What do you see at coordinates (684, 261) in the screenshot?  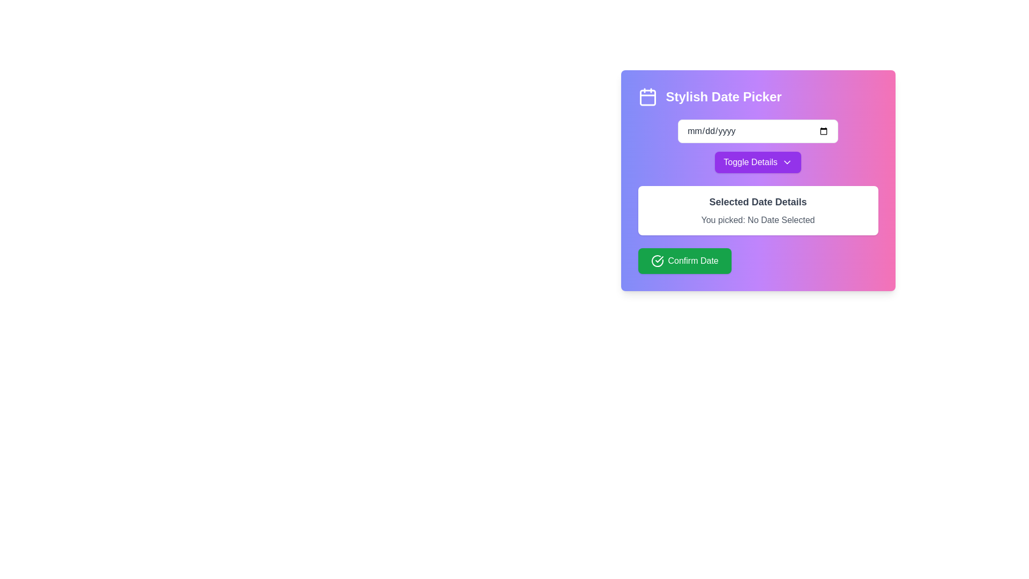 I see `the 'Confirm Date' button located at the bottom center of the 'Stylish Date Picker' interface` at bounding box center [684, 261].